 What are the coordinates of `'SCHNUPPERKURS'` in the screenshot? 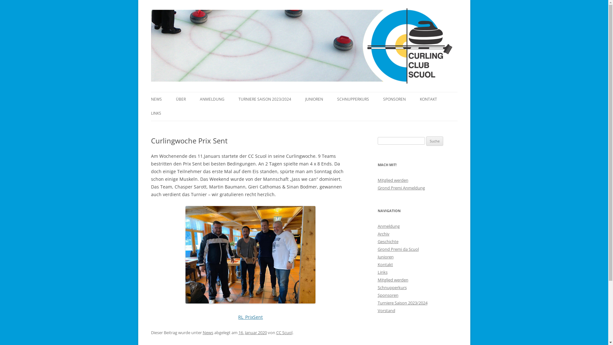 It's located at (352, 99).